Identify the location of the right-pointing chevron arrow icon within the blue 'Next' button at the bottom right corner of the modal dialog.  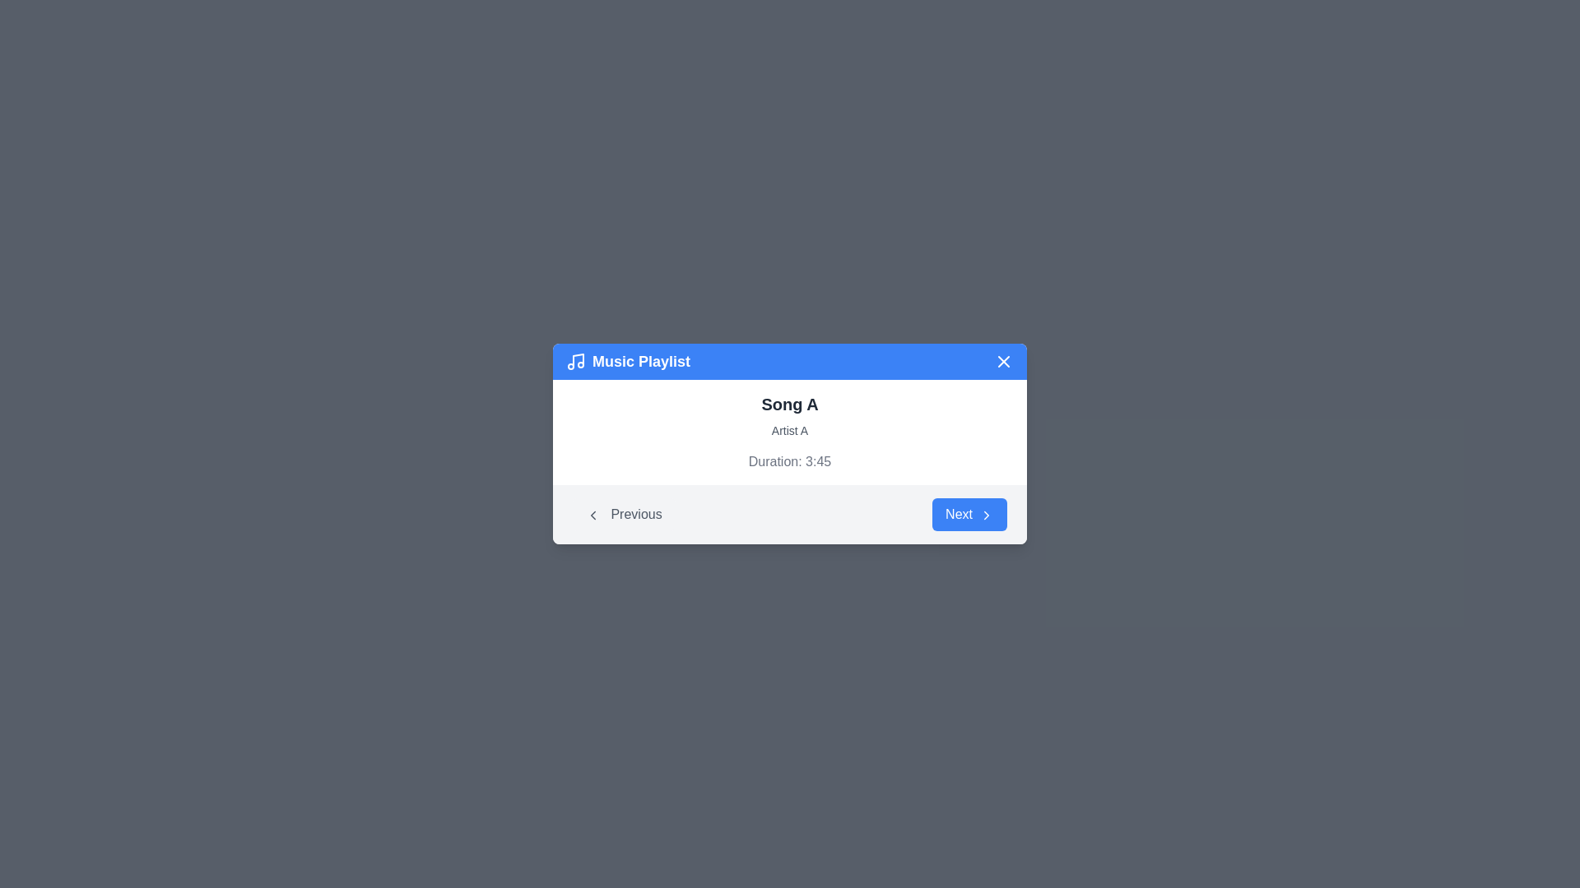
(987, 513).